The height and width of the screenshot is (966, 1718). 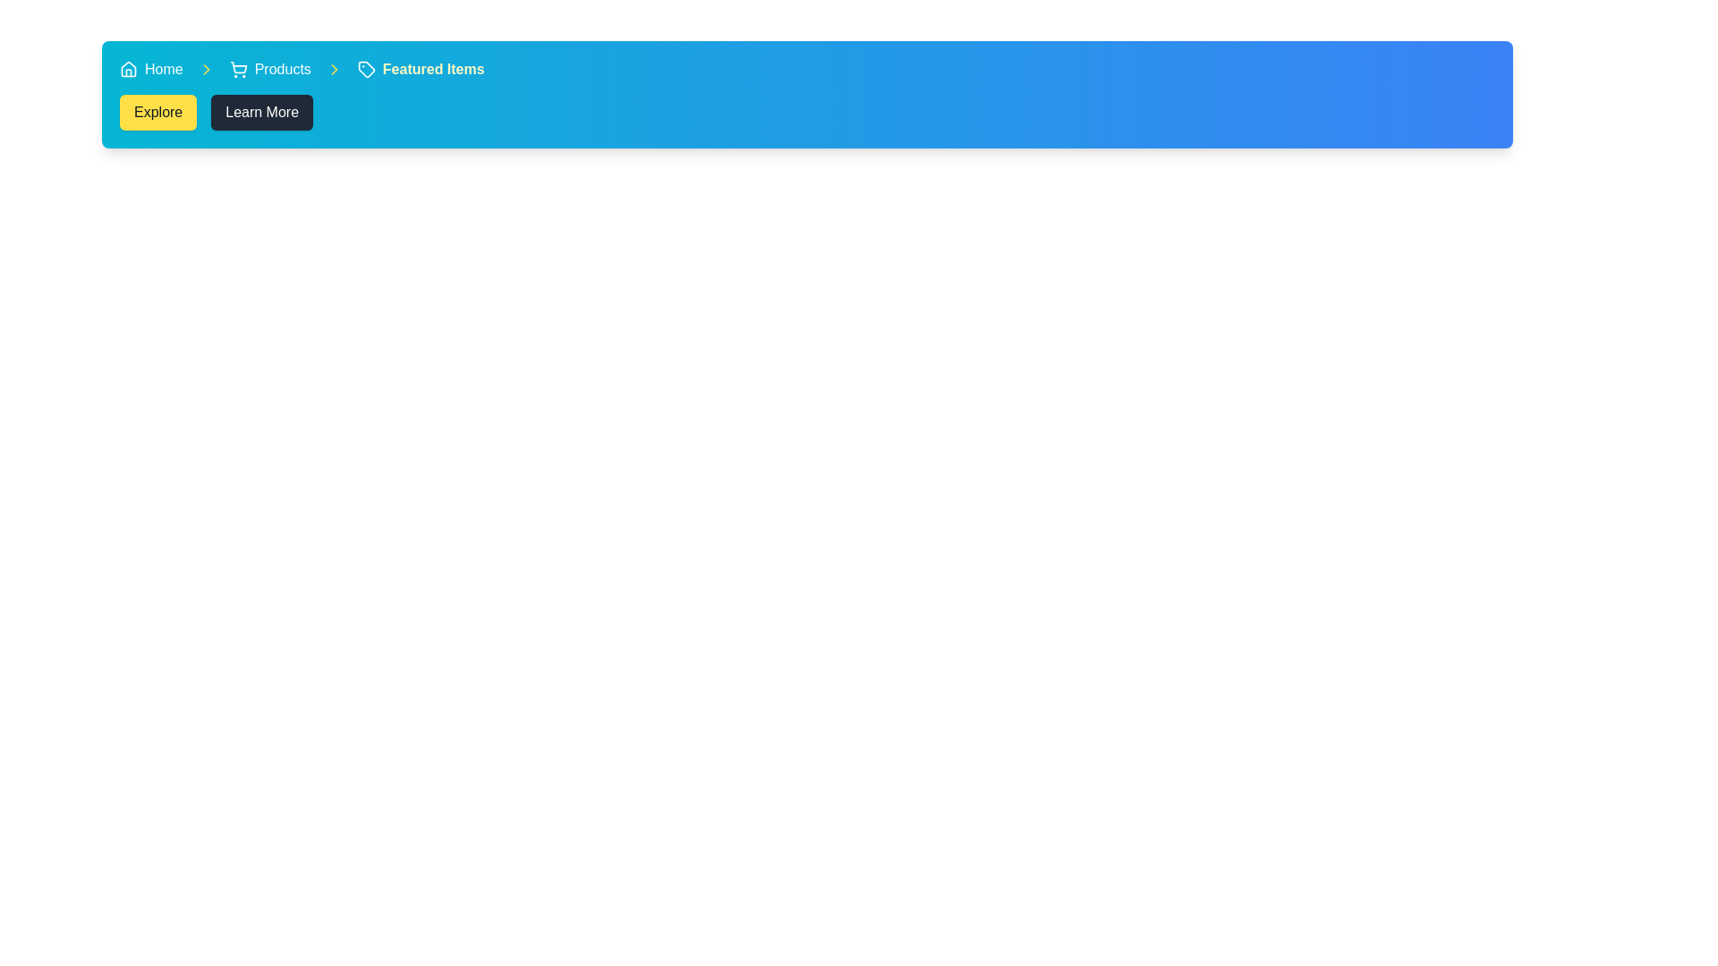 What do you see at coordinates (420, 68) in the screenshot?
I see `the 'Featured Items' breadcrumb navigation text` at bounding box center [420, 68].